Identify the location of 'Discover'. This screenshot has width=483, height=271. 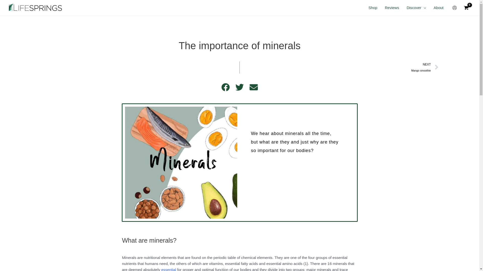
(416, 8).